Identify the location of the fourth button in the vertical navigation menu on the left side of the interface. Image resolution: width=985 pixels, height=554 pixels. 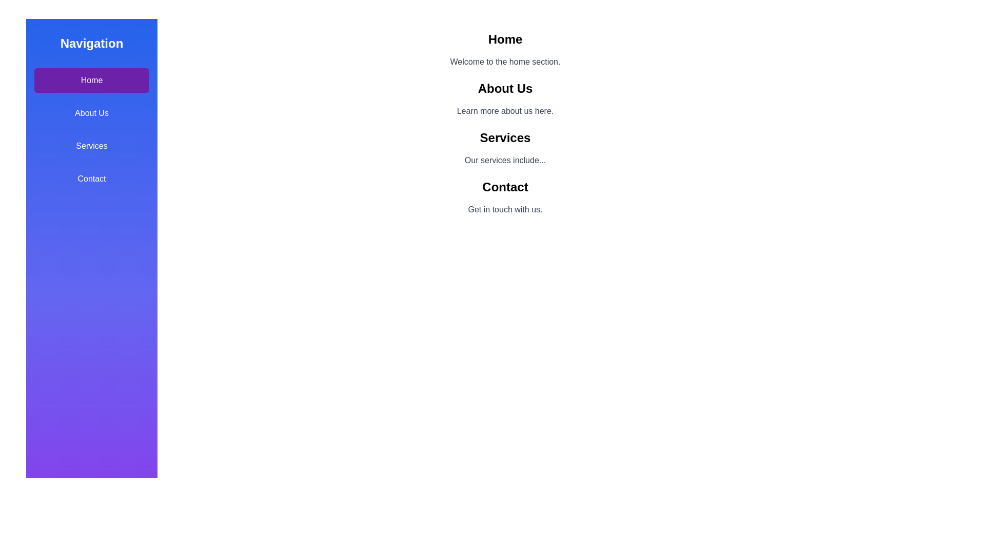
(91, 178).